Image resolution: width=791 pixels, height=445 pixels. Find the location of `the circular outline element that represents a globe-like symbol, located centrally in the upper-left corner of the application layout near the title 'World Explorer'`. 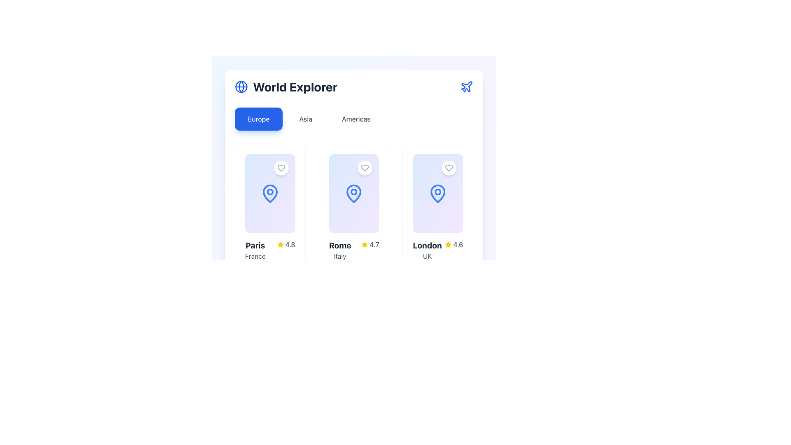

the circular outline element that represents a globe-like symbol, located centrally in the upper-left corner of the application layout near the title 'World Explorer' is located at coordinates (241, 87).